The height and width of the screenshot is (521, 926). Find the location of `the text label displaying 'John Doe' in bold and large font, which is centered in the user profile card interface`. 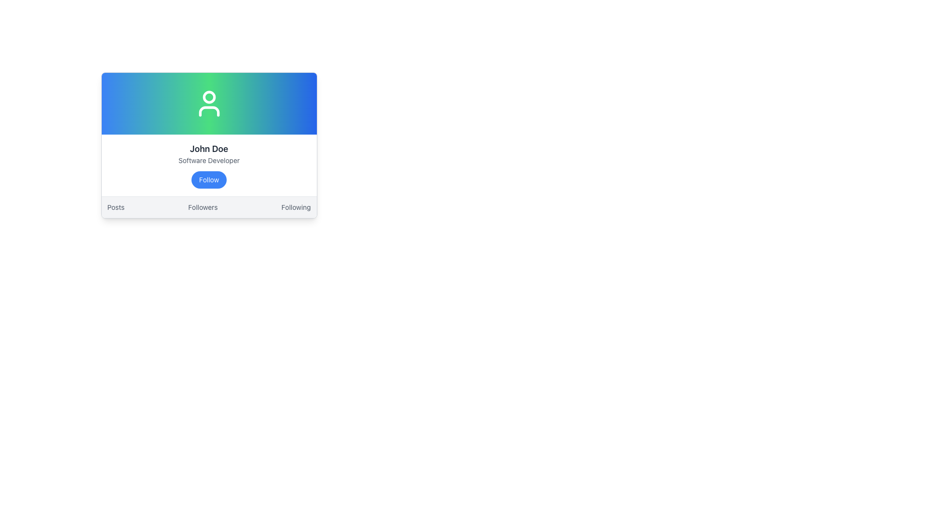

the text label displaying 'John Doe' in bold and large font, which is centered in the user profile card interface is located at coordinates (208, 149).